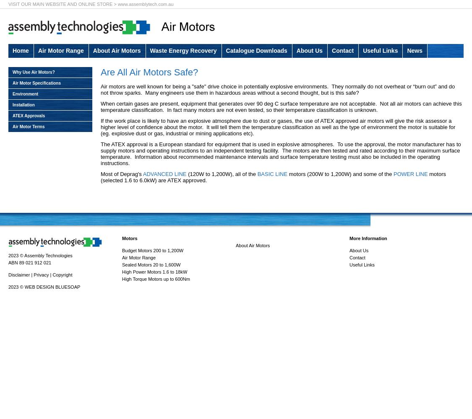  I want to click on 'Motors', so click(129, 238).